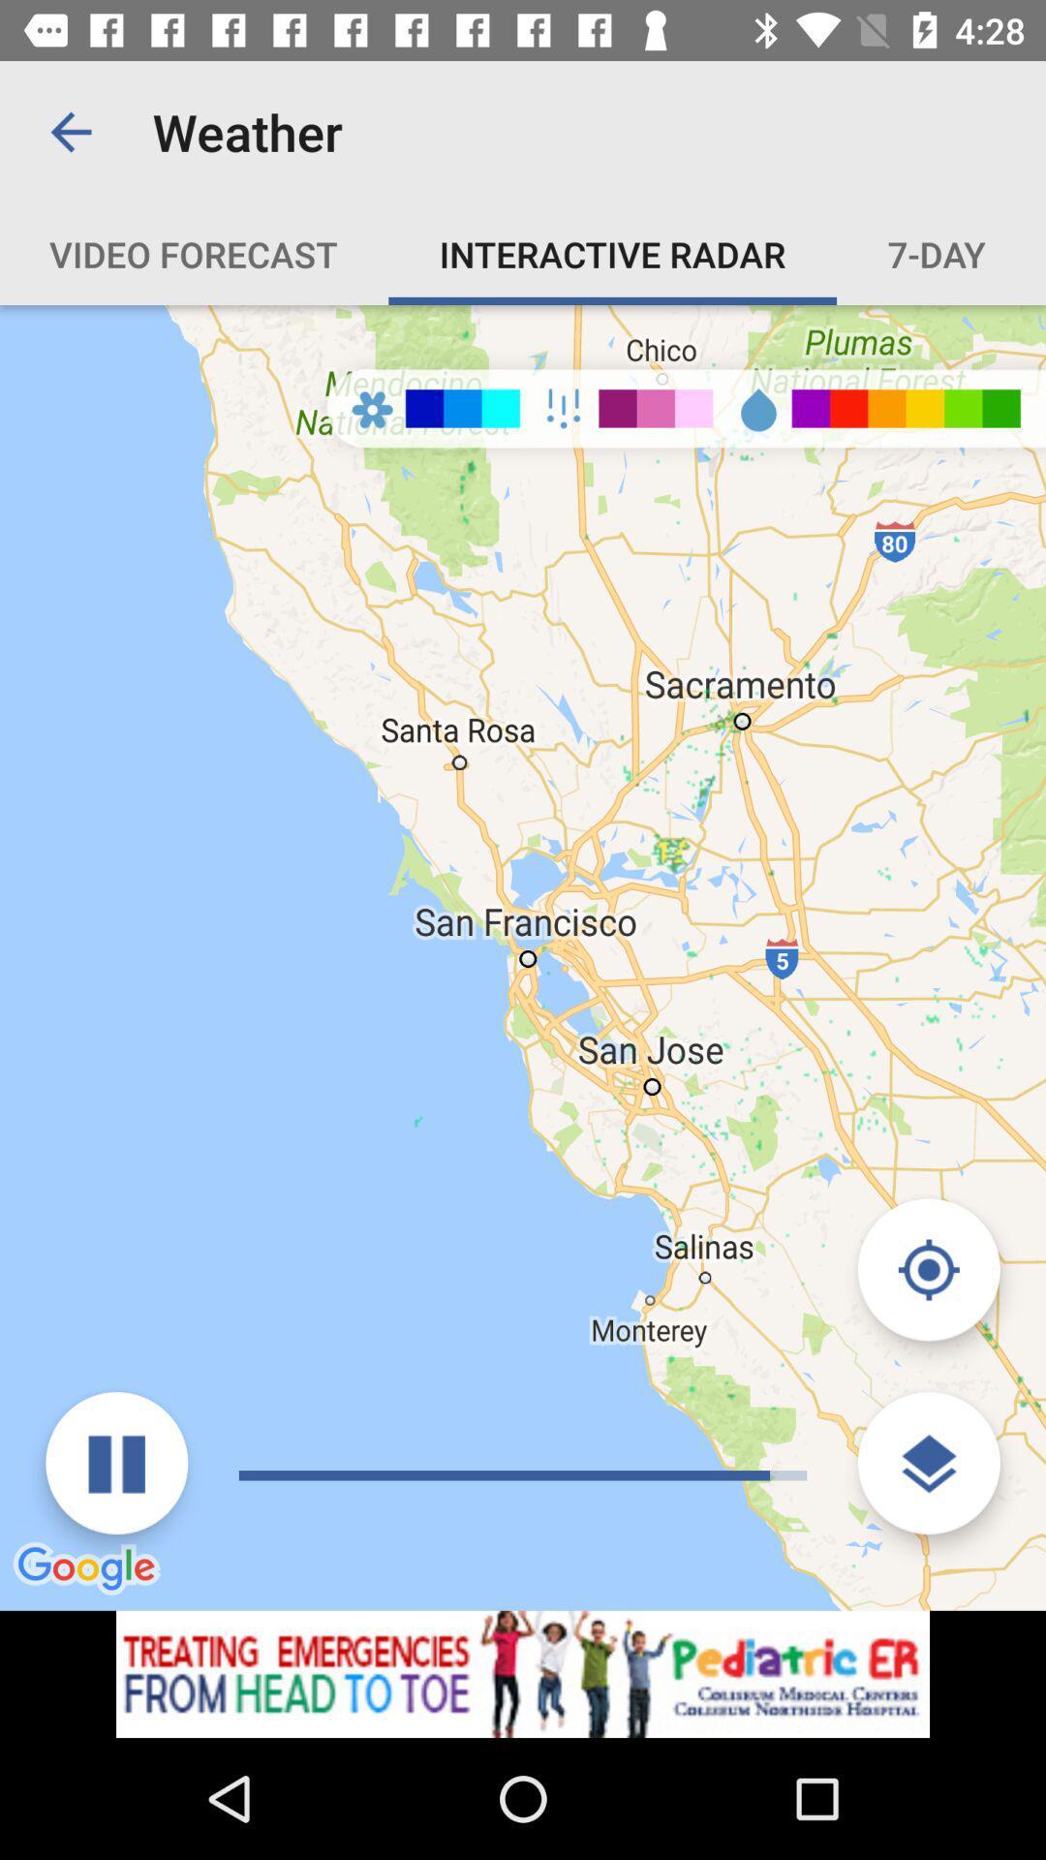 The image size is (1046, 1860). I want to click on stop button, so click(116, 1463).